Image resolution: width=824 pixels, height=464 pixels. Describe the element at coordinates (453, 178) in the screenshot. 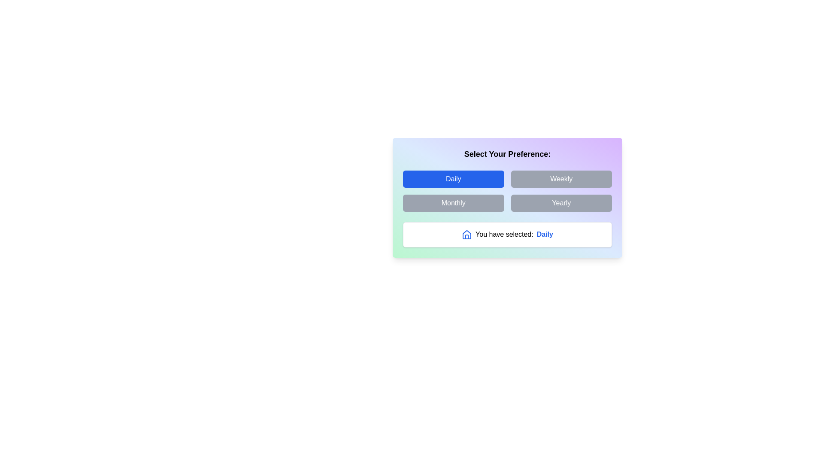

I see `the 'Daily' button` at that location.